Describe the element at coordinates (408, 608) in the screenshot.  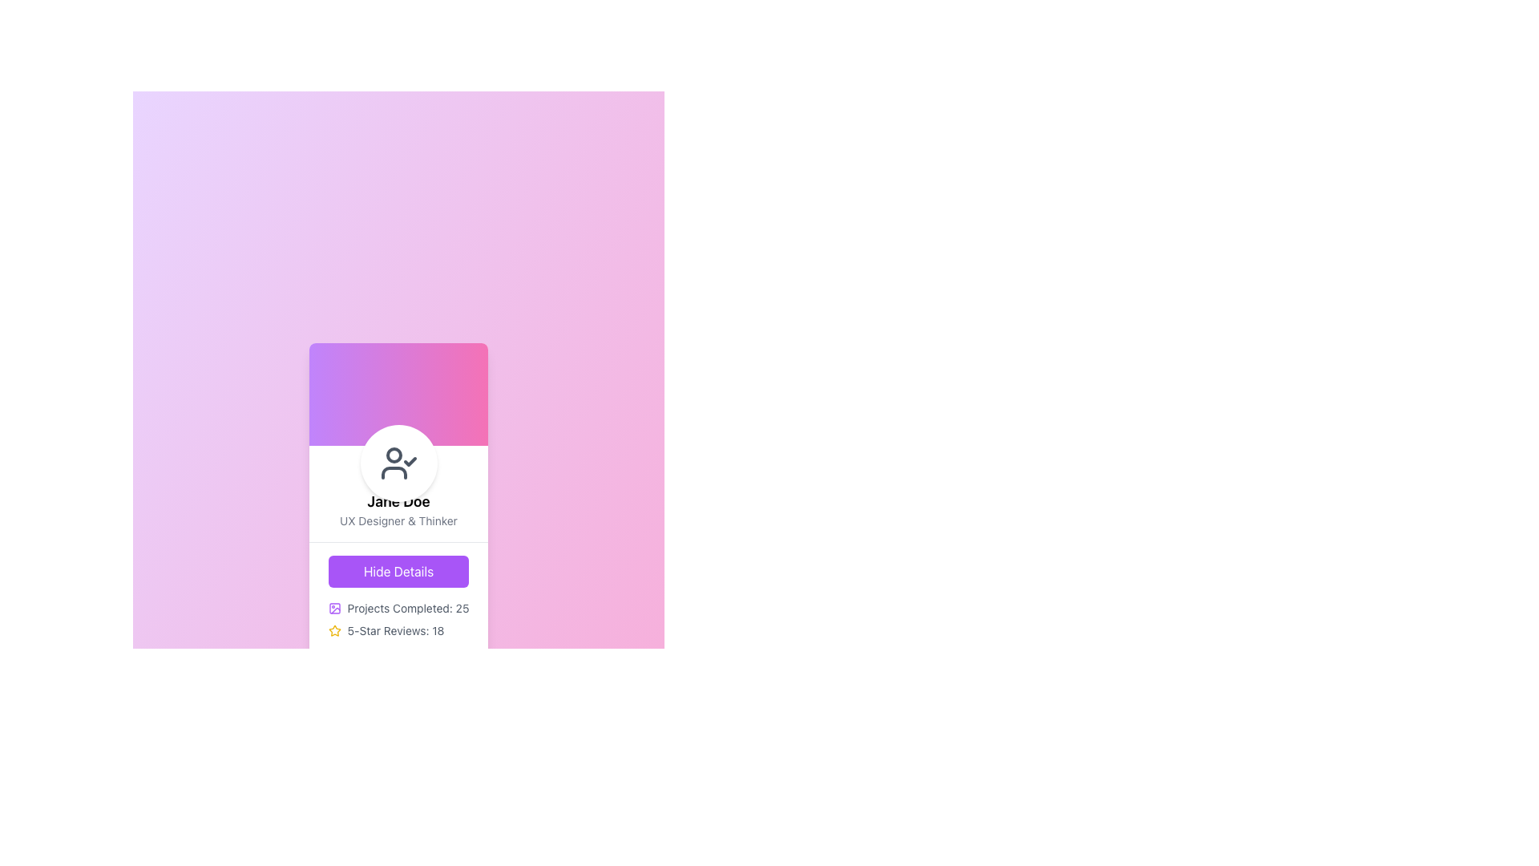
I see `the Text Label displaying the number of completed projects ('25') which is located below the 'Hide Details' button and above the '5-Star Reviews: 18' text` at that location.